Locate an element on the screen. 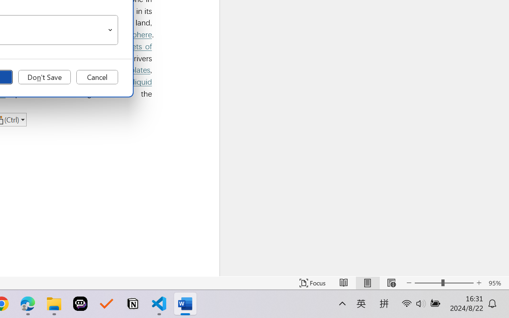 The width and height of the screenshot is (509, 318). 'Cancel' is located at coordinates (97, 77).